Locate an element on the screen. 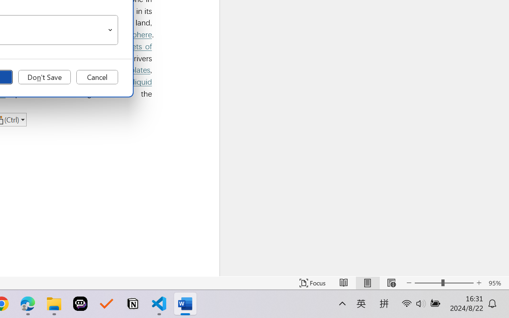 The width and height of the screenshot is (509, 318). 'Cancel' is located at coordinates (97, 77).